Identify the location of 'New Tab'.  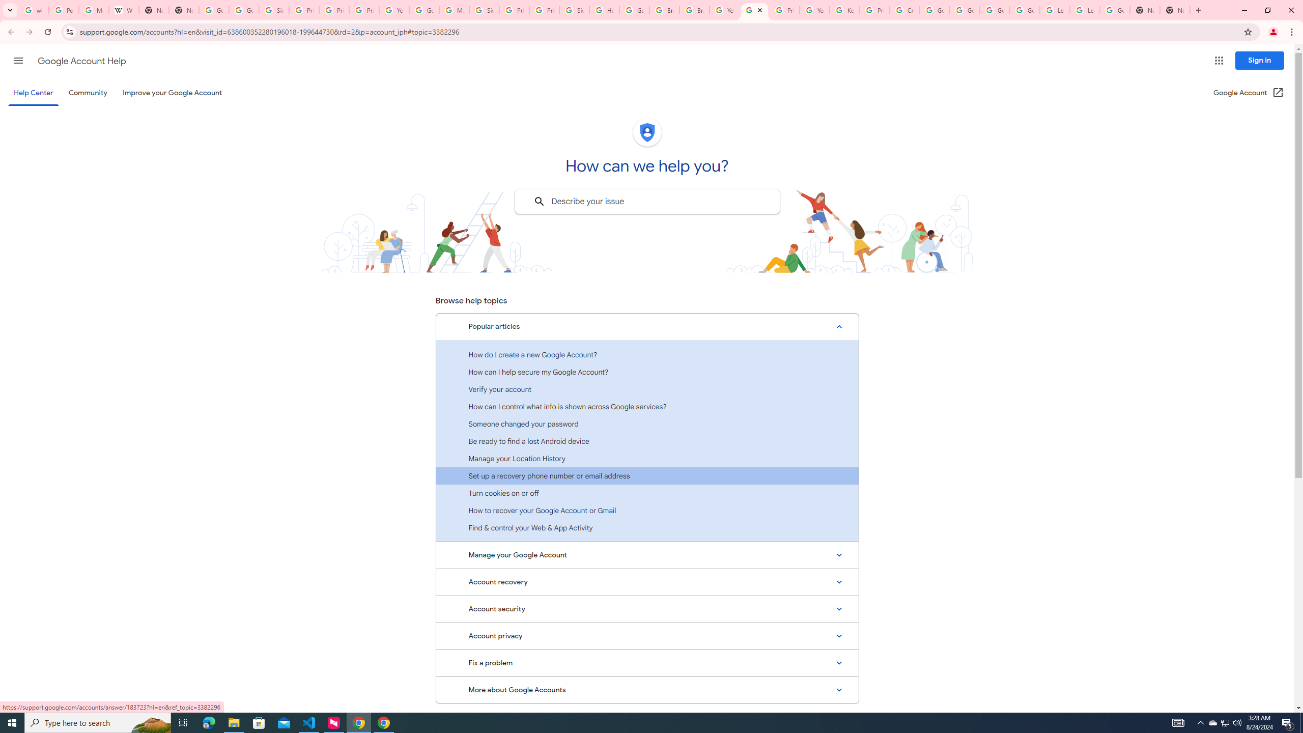
(1175, 10).